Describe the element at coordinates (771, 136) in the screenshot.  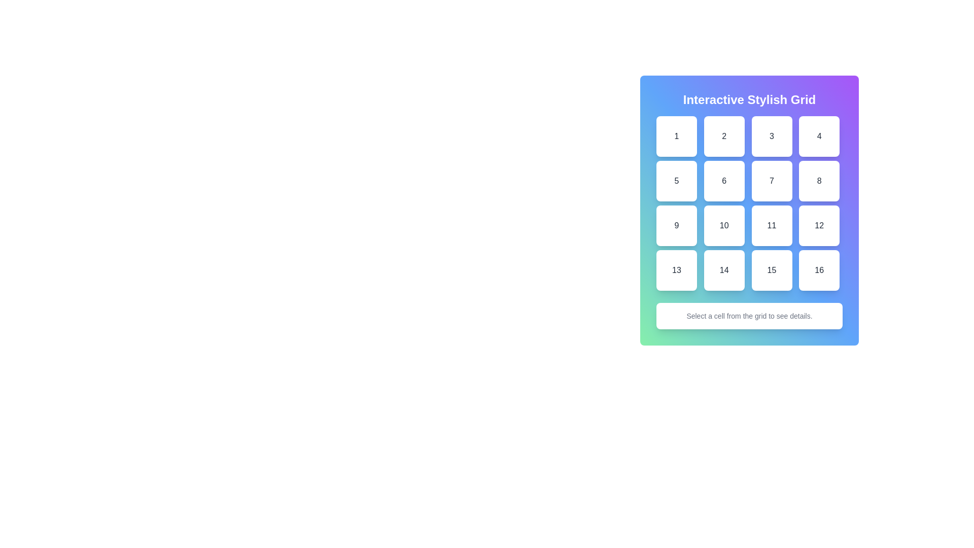
I see `the square button labeled '3' with a white background` at that location.